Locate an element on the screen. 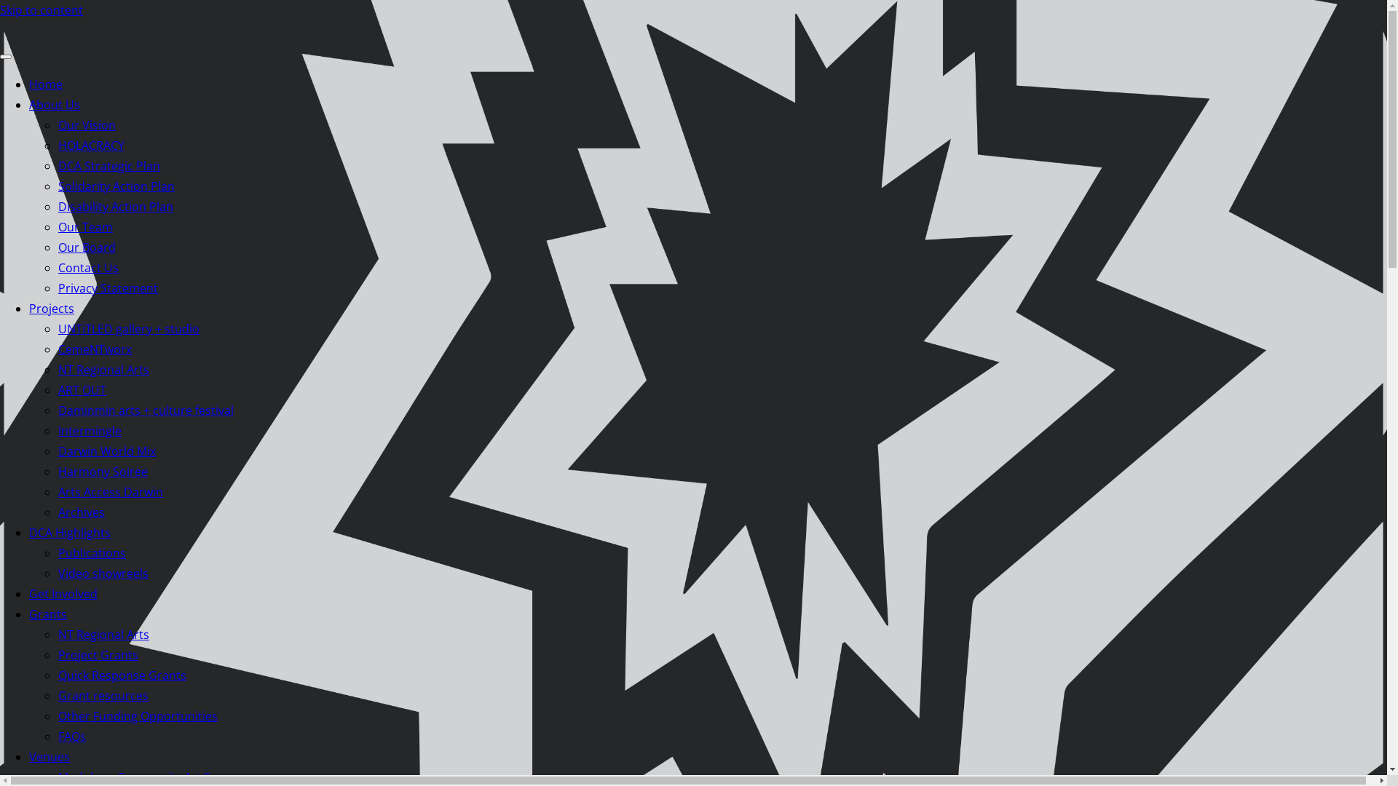 The height and width of the screenshot is (786, 1398). 'DCA Strategic Plan' is located at coordinates (108, 164).